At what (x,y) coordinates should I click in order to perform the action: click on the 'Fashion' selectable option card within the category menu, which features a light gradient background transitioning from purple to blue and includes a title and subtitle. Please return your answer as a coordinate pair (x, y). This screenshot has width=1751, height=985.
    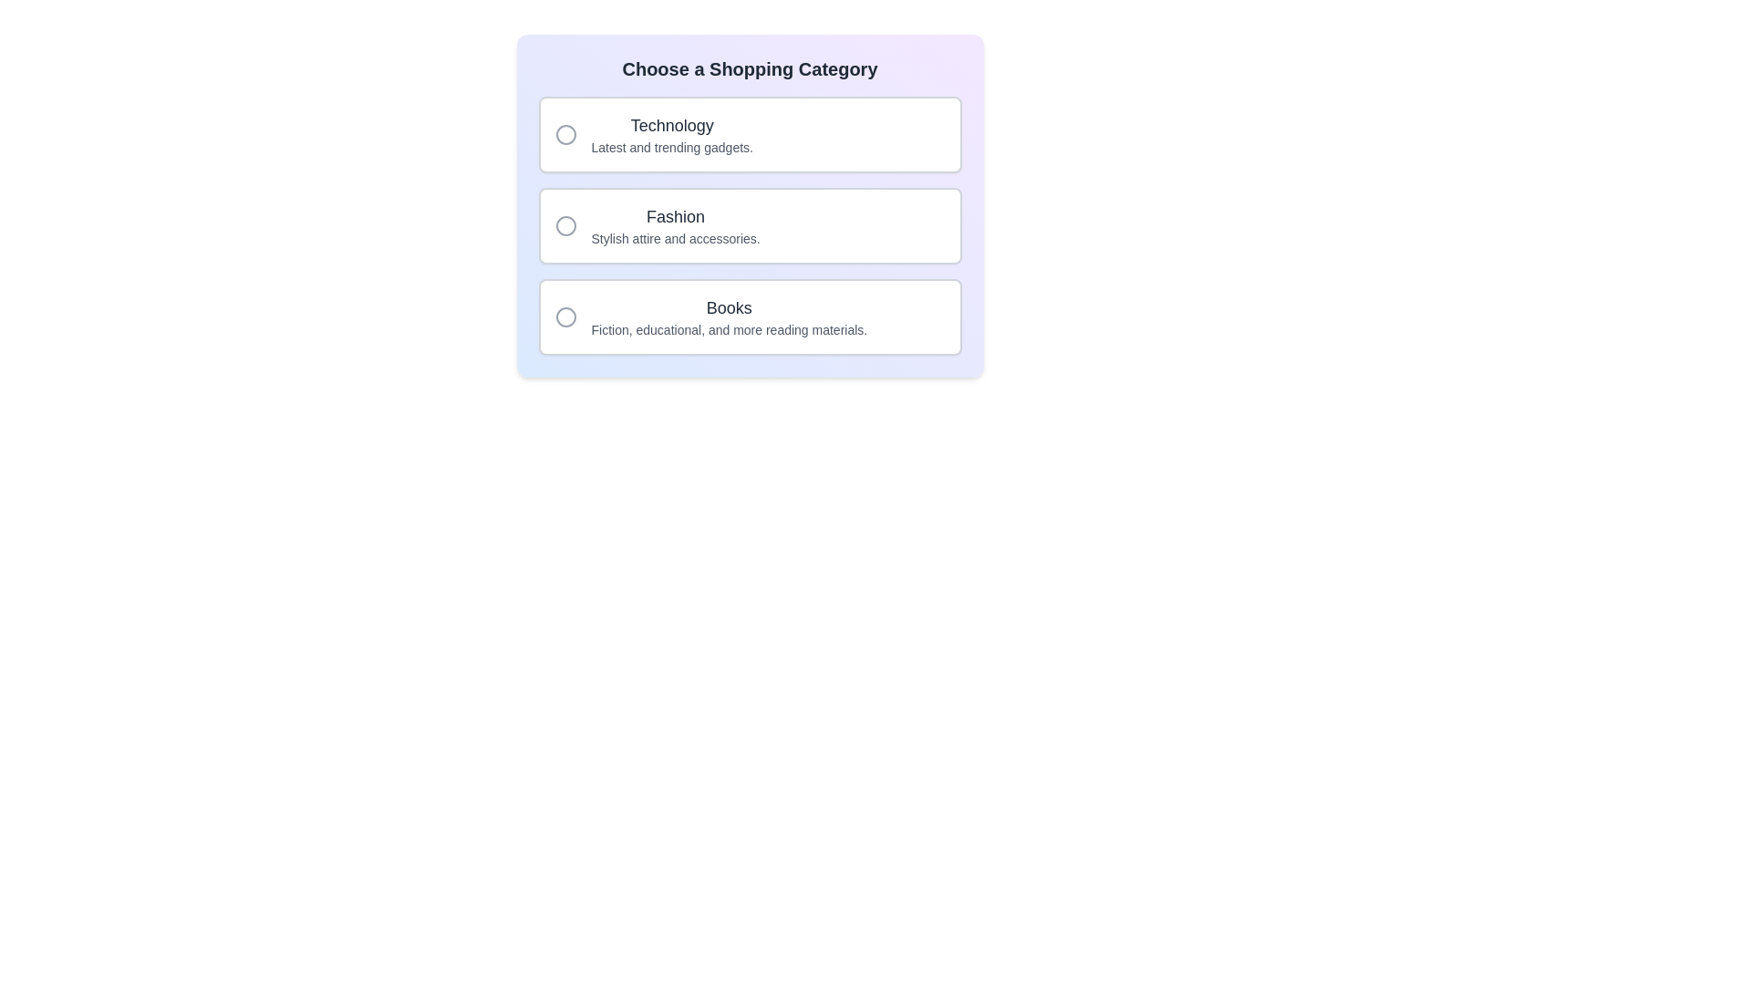
    Looking at the image, I should click on (750, 205).